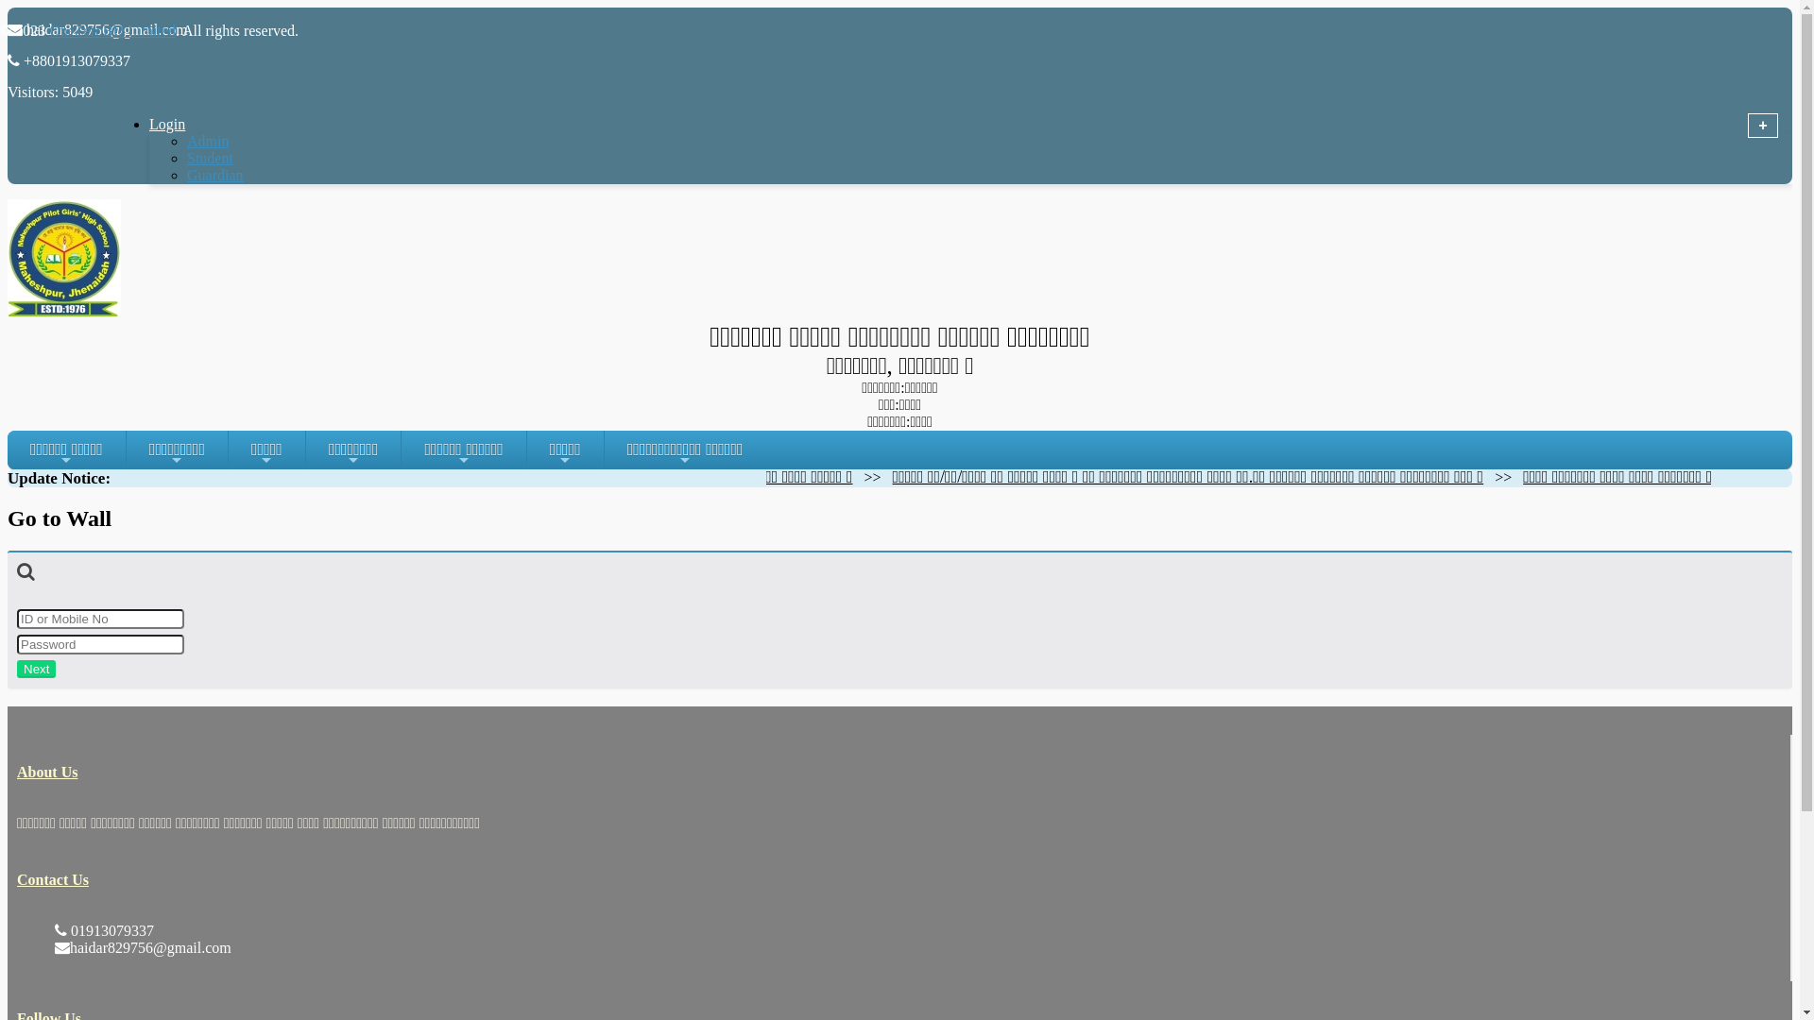 This screenshot has width=1814, height=1020. What do you see at coordinates (208, 140) in the screenshot?
I see `'Admin'` at bounding box center [208, 140].